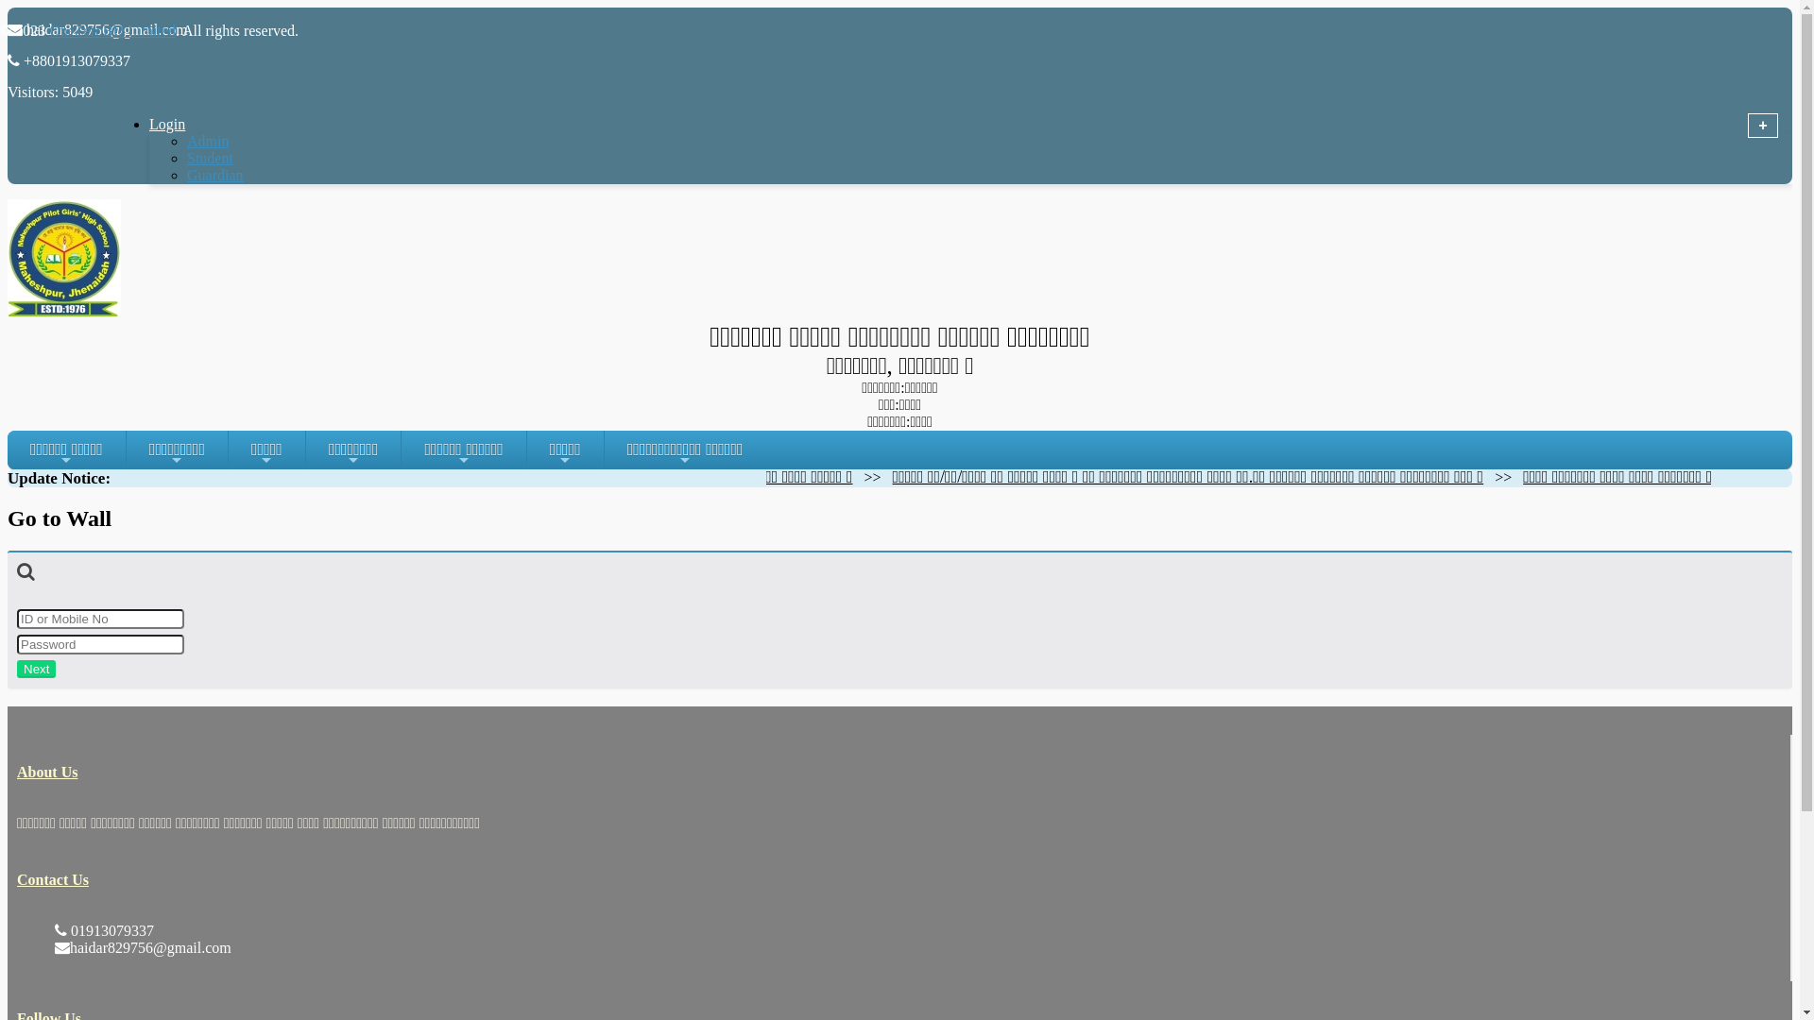 This screenshot has width=1814, height=1020. What do you see at coordinates (208, 140) in the screenshot?
I see `'Admin'` at bounding box center [208, 140].